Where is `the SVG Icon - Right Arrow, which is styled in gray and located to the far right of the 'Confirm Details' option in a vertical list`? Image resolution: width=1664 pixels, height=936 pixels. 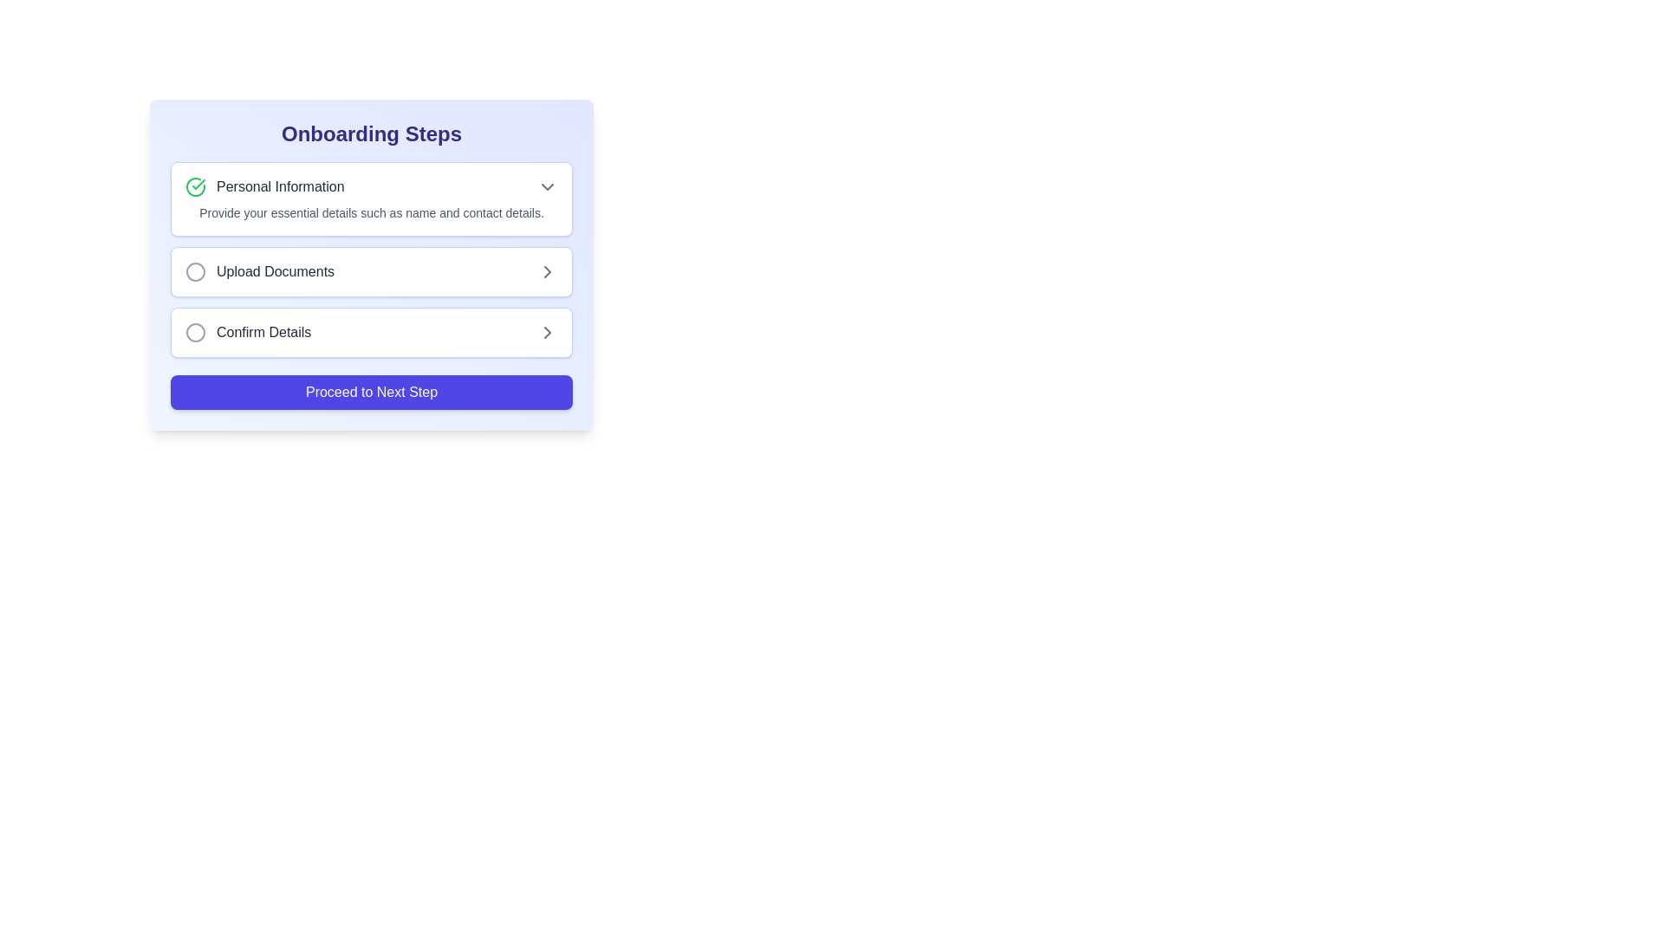
the SVG Icon - Right Arrow, which is styled in gray and located to the far right of the 'Confirm Details' option in a vertical list is located at coordinates (547, 271).